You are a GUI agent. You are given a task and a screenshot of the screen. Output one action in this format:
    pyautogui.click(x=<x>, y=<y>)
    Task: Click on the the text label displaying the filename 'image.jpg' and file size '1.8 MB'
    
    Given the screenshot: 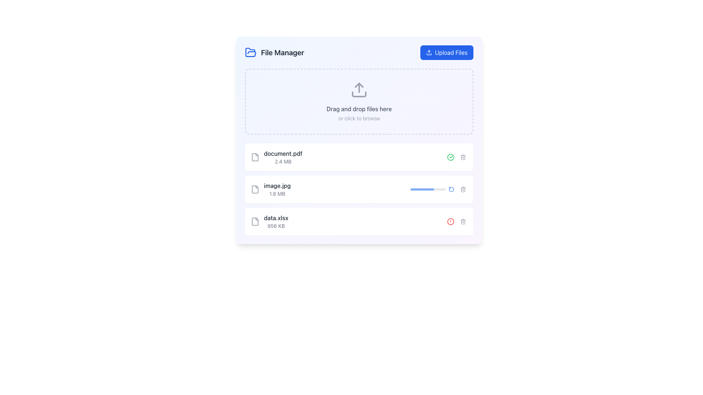 What is the action you would take?
    pyautogui.click(x=277, y=189)
    